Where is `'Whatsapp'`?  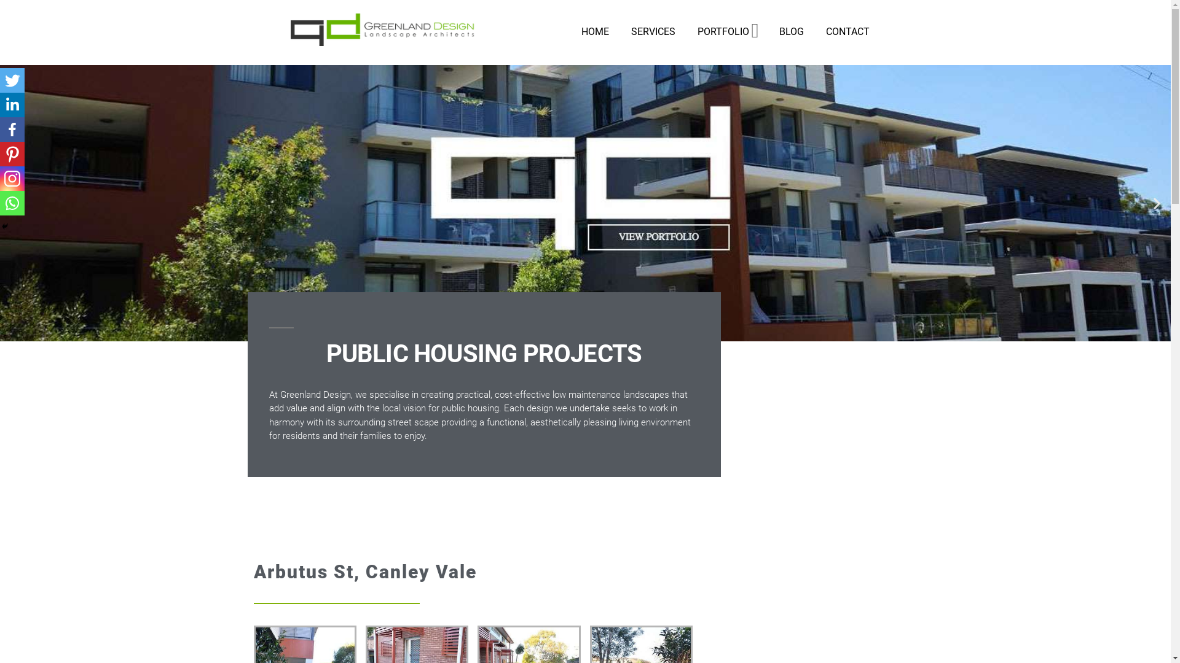 'Whatsapp' is located at coordinates (12, 203).